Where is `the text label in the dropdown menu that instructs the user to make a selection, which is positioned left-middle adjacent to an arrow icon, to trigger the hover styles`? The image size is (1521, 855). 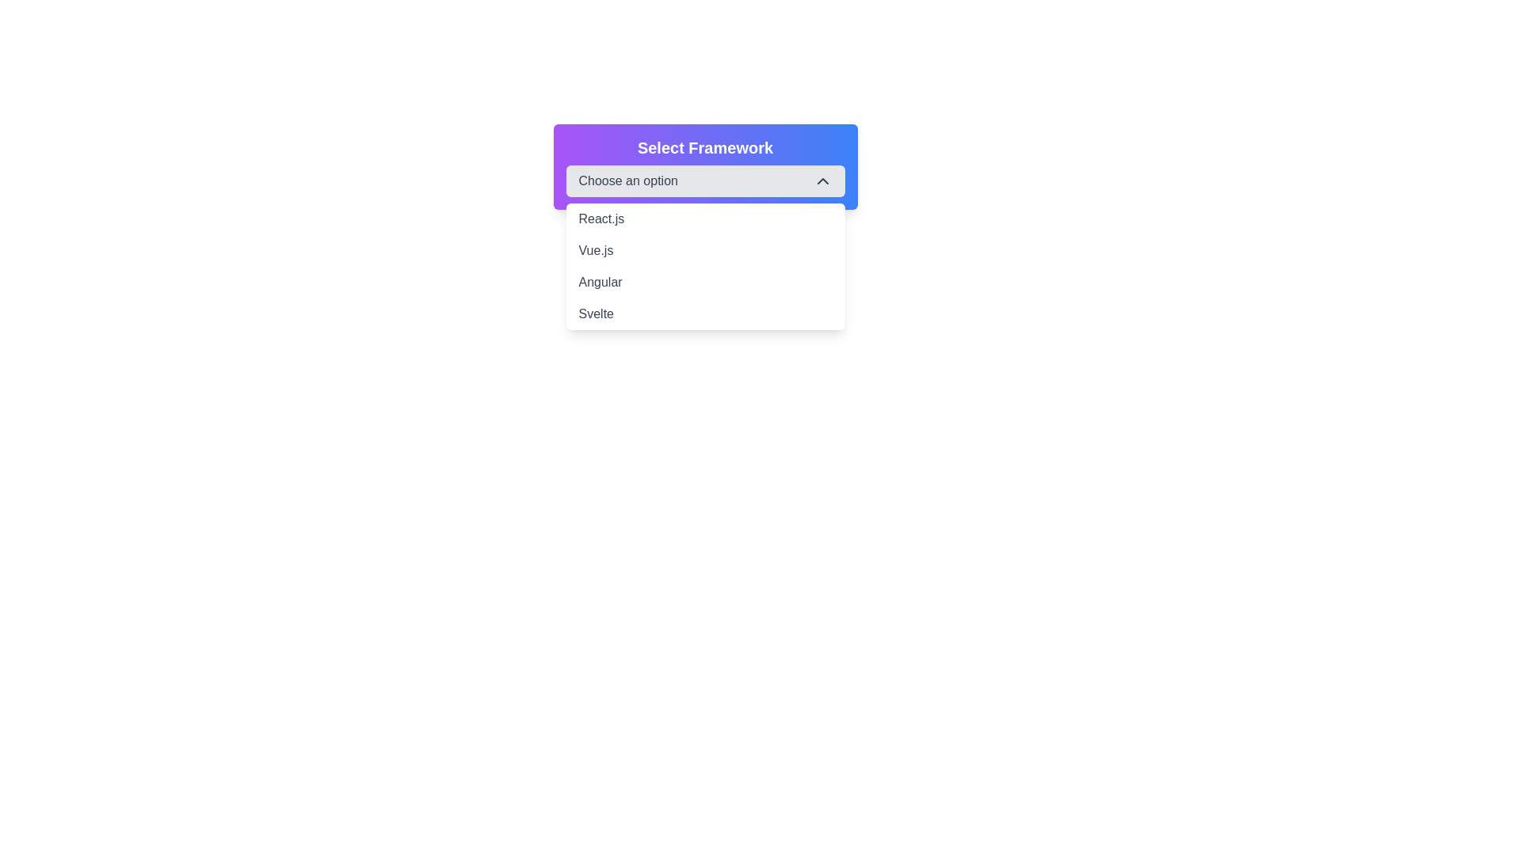 the text label in the dropdown menu that instructs the user to make a selection, which is positioned left-middle adjacent to an arrow icon, to trigger the hover styles is located at coordinates (627, 180).